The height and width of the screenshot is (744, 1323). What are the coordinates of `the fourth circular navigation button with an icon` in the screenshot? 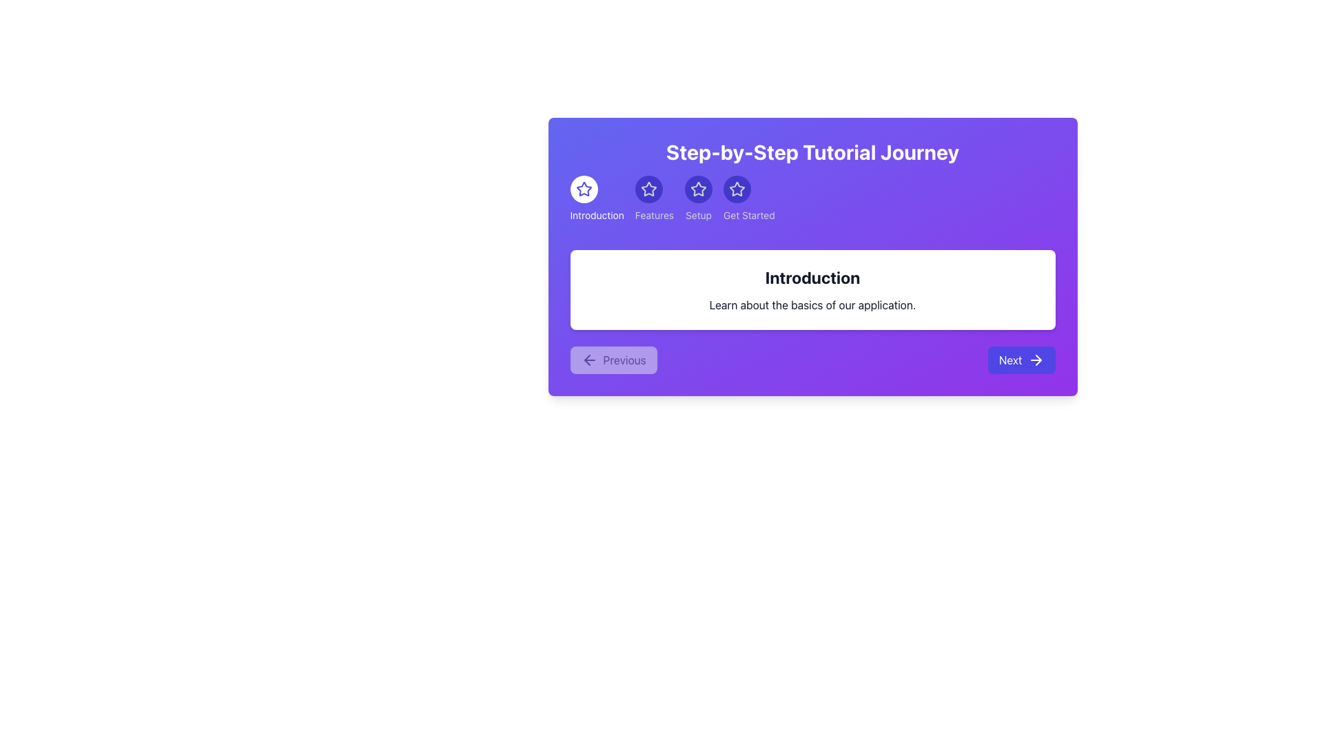 It's located at (737, 189).